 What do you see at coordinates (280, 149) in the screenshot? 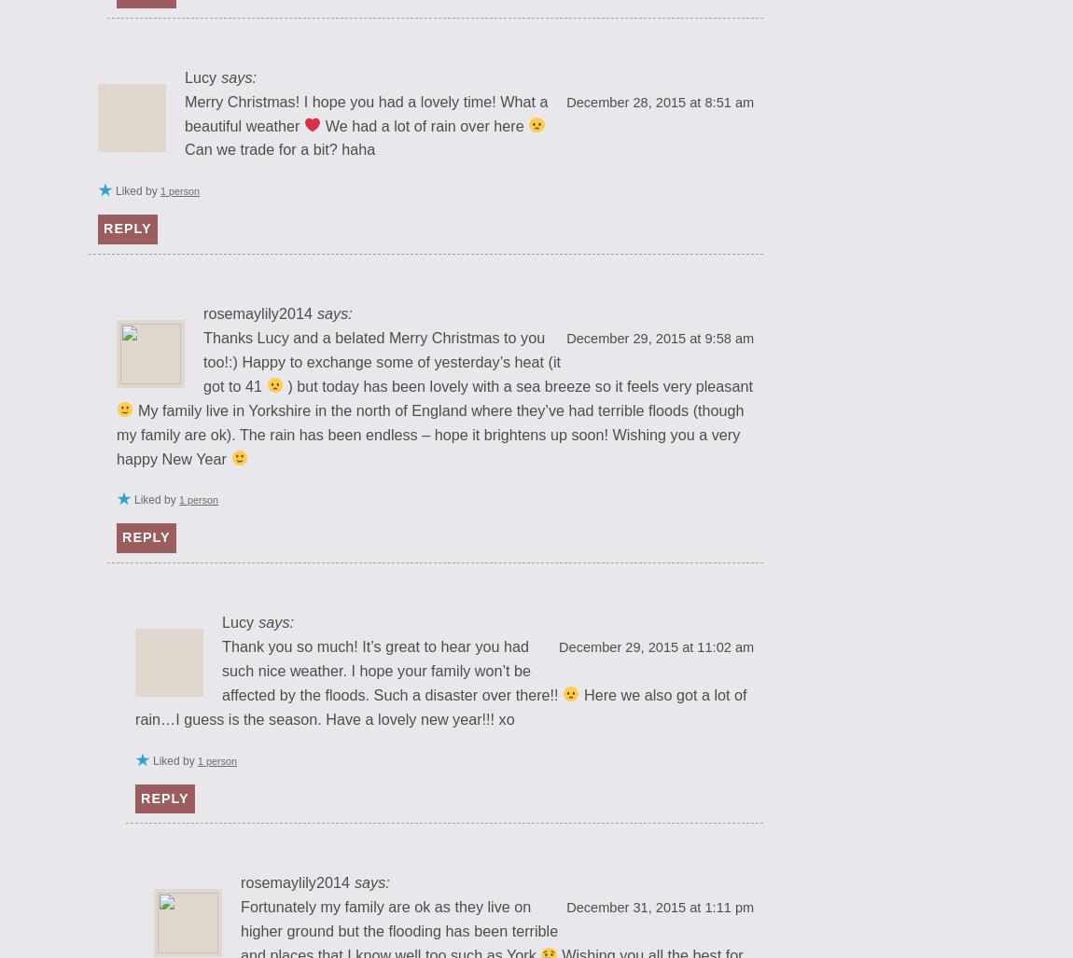
I see `'Can we trade for a bit? haha'` at bounding box center [280, 149].